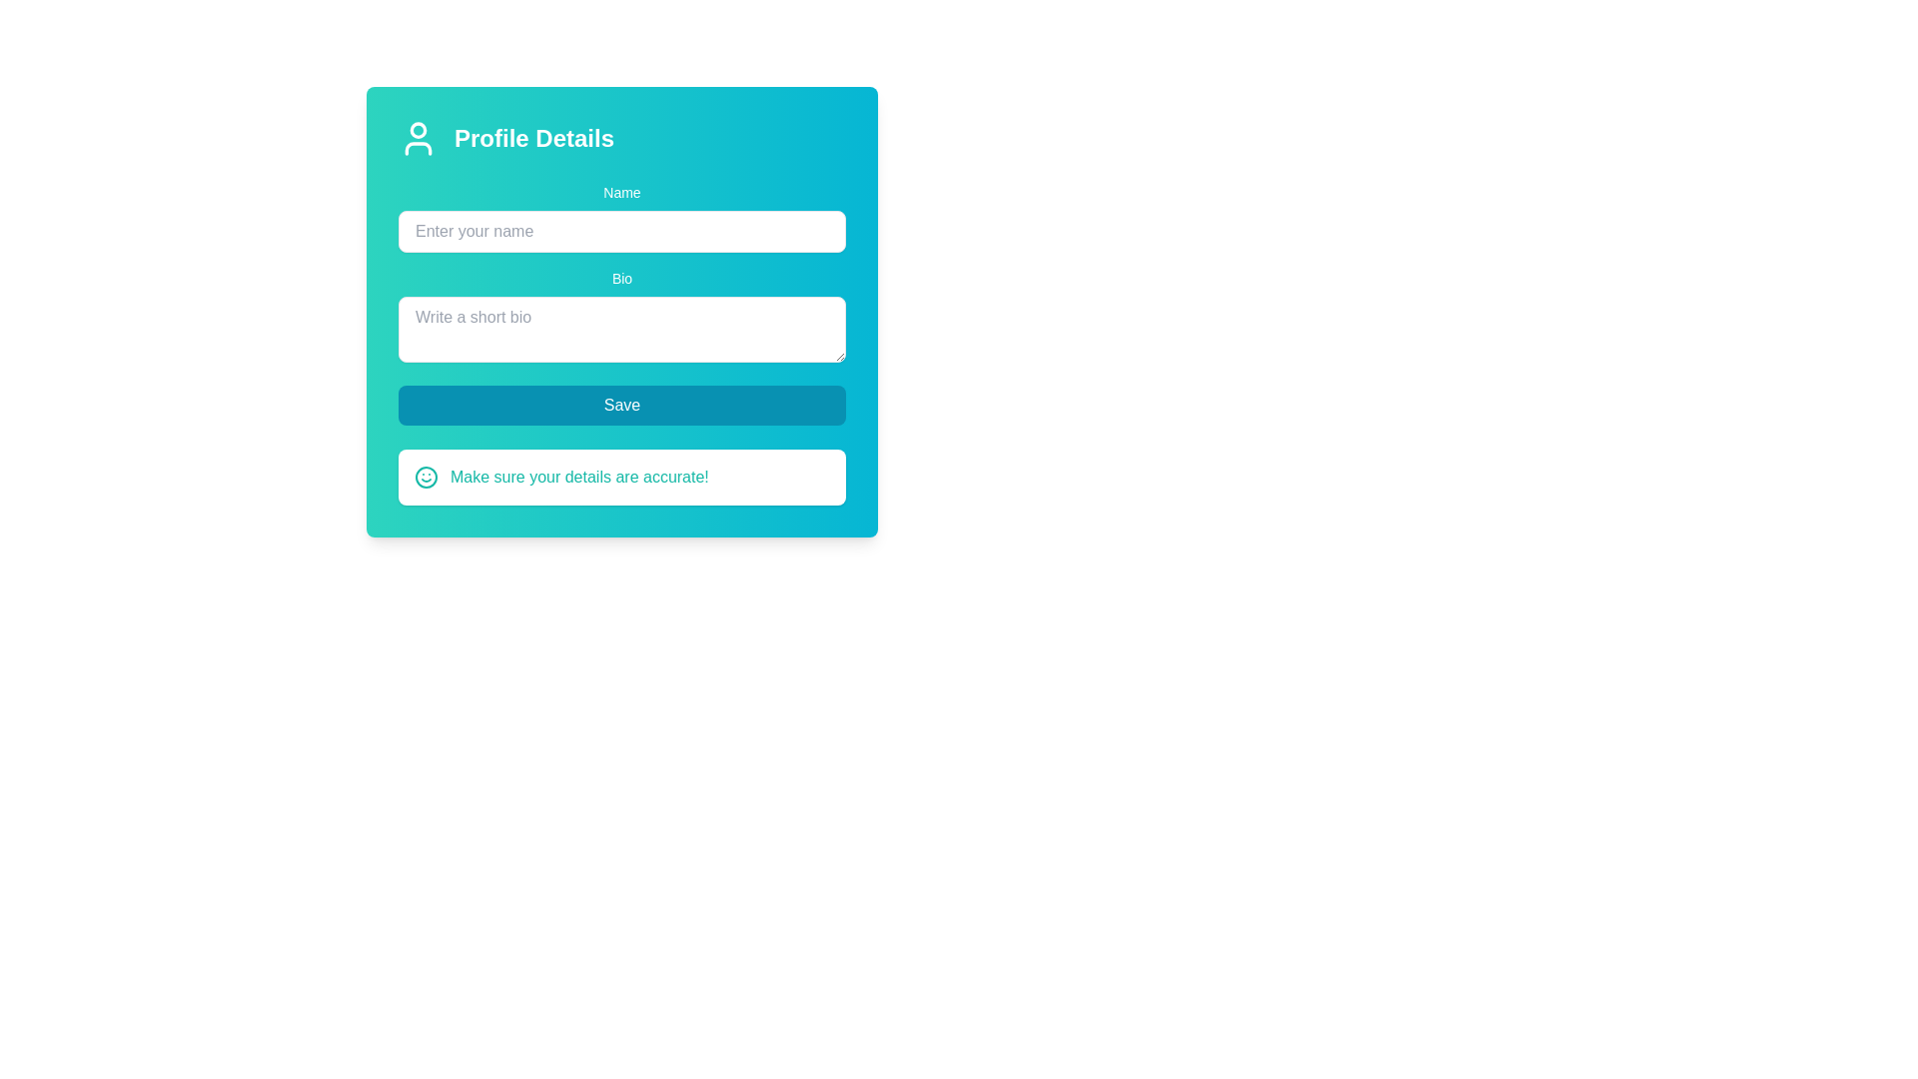 The image size is (1918, 1079). I want to click on the submission button located centrally at the bottom of the form fields, so click(621, 405).